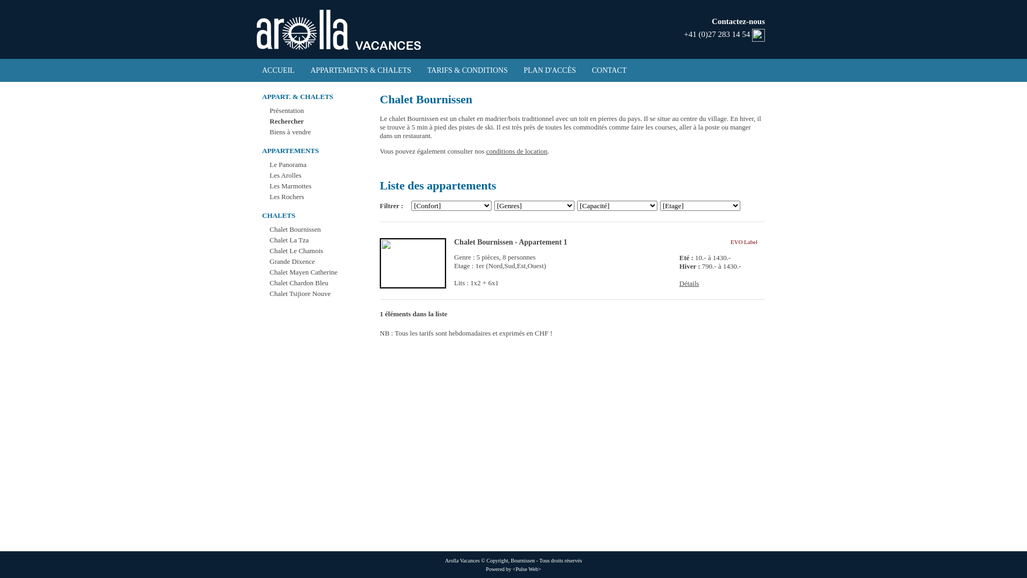 The height and width of the screenshot is (578, 1027). I want to click on 'Grande Dixence', so click(292, 261).